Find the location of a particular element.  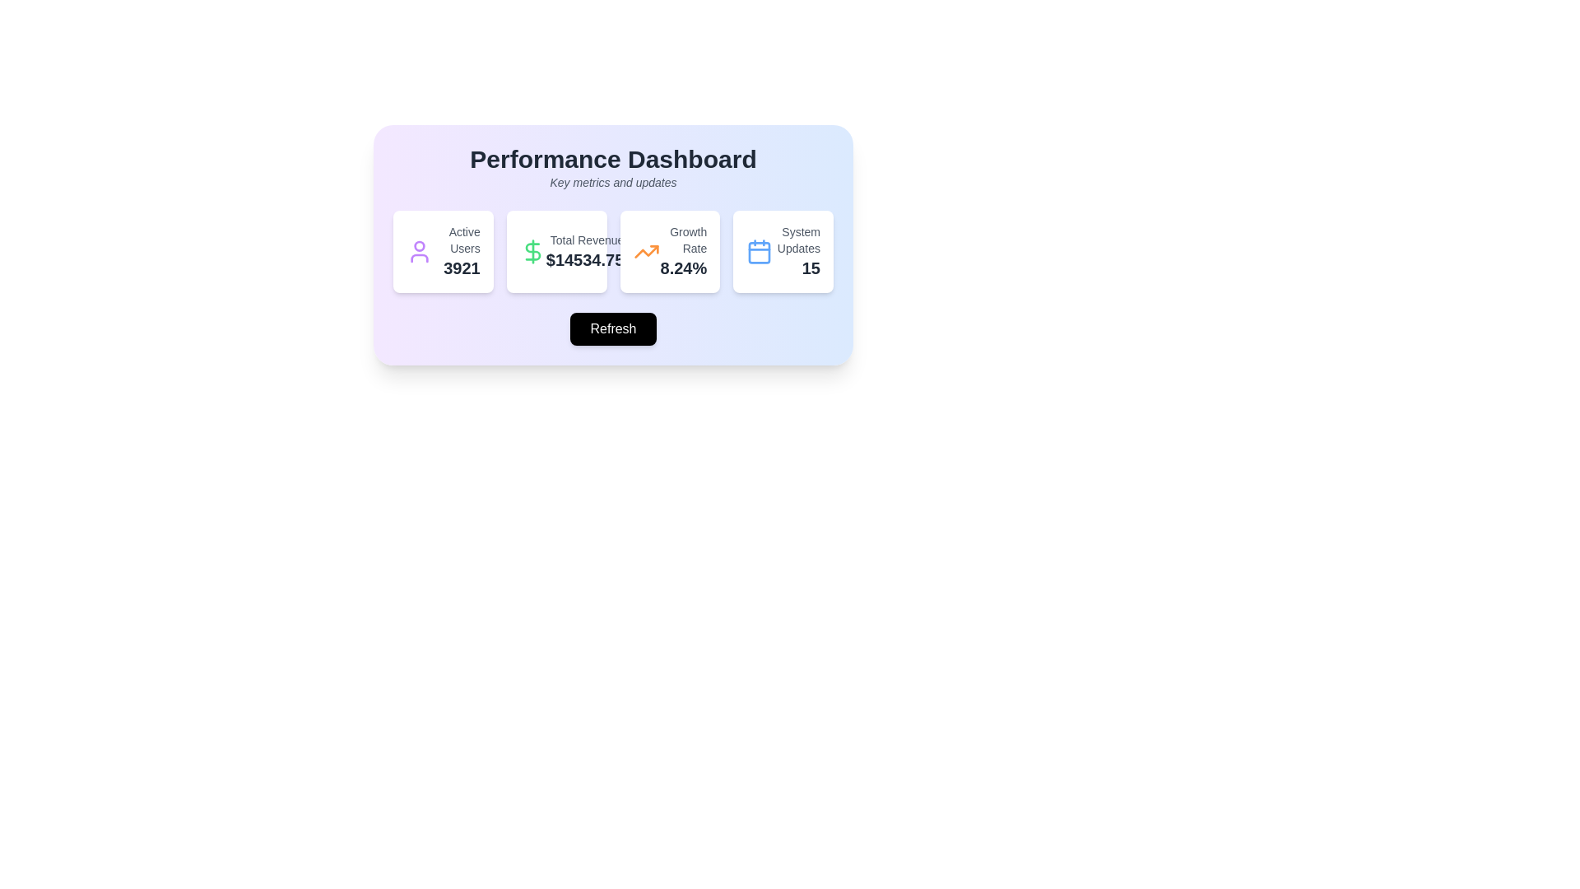

the information displayed on the summary card component that shows the number of system updates, located as the fourth card in a horizontal layout on the dashboard is located at coordinates (783, 251).